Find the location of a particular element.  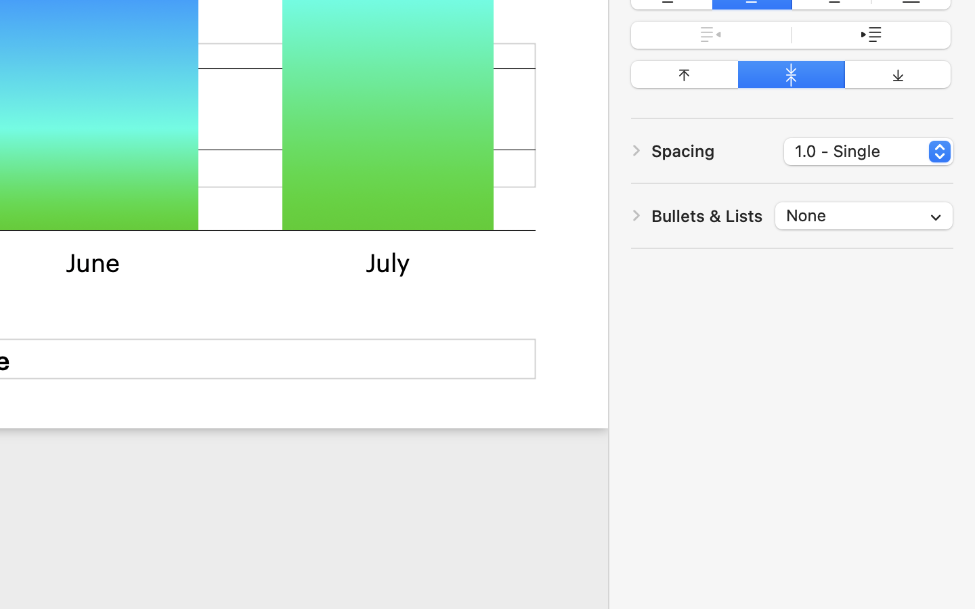

'Bullets & Lists' is located at coordinates (707, 215).